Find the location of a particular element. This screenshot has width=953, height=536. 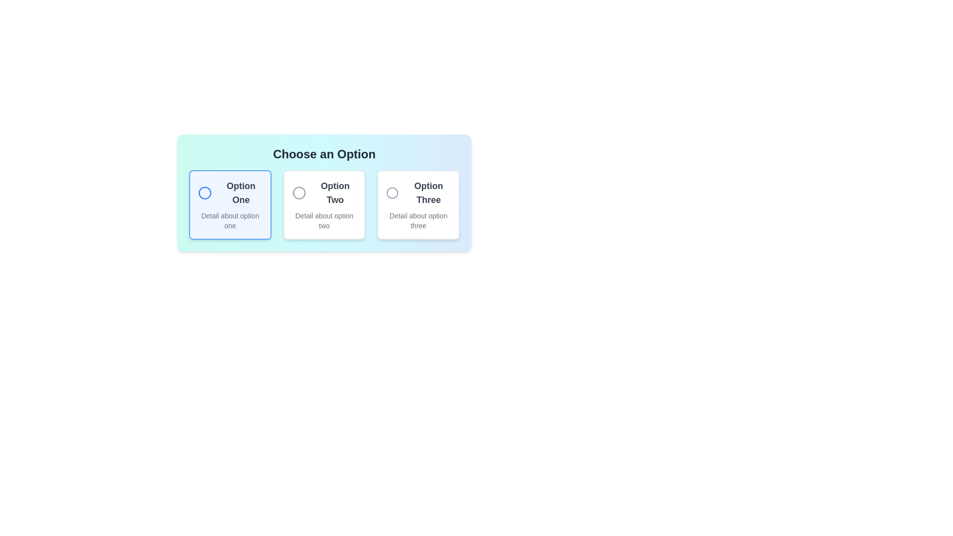

the text label displaying 'Option One', which is positioned to the right of a circular icon and is bold with dark gray font on a white background is located at coordinates (241, 193).